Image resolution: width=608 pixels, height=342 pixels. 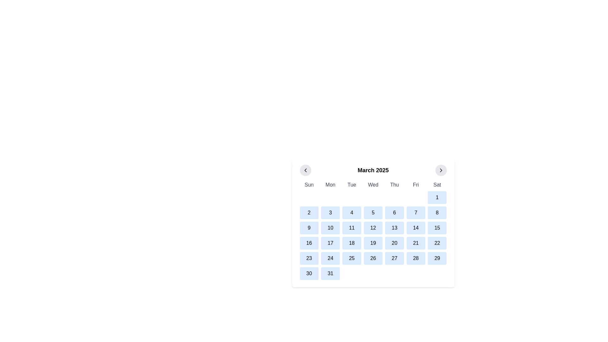 What do you see at coordinates (309, 273) in the screenshot?
I see `the button representing the date '30' on the calendar` at bounding box center [309, 273].